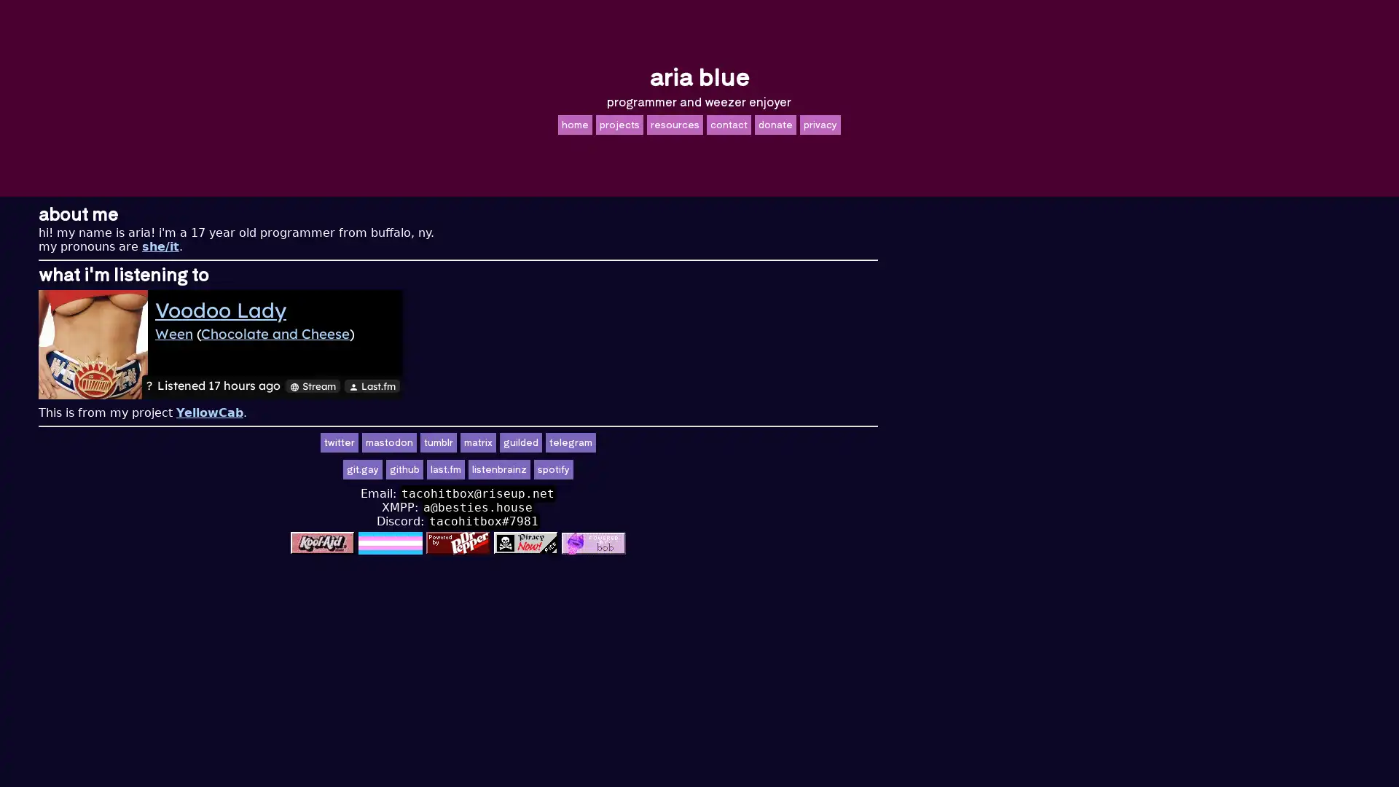  Describe the element at coordinates (686, 469) in the screenshot. I see `last.fm` at that location.